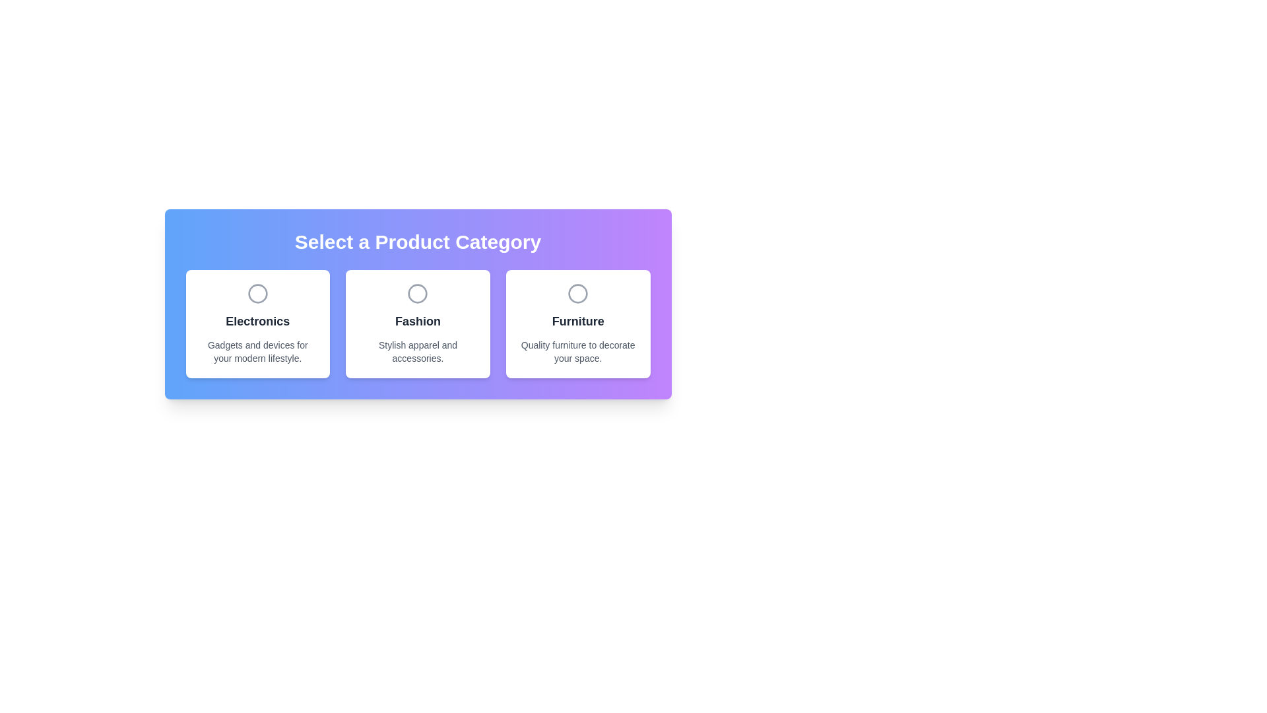 The width and height of the screenshot is (1267, 713). What do you see at coordinates (417, 323) in the screenshot?
I see `the 'Fashion' card, the second card in the grid` at bounding box center [417, 323].